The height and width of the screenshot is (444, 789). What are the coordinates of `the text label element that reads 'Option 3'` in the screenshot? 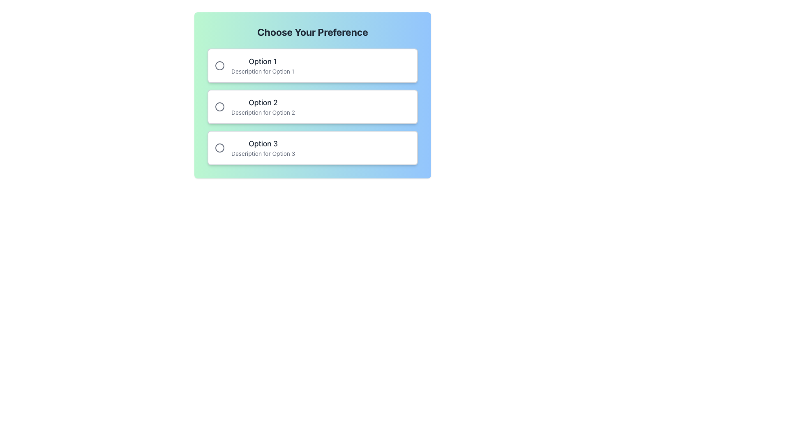 It's located at (254, 147).